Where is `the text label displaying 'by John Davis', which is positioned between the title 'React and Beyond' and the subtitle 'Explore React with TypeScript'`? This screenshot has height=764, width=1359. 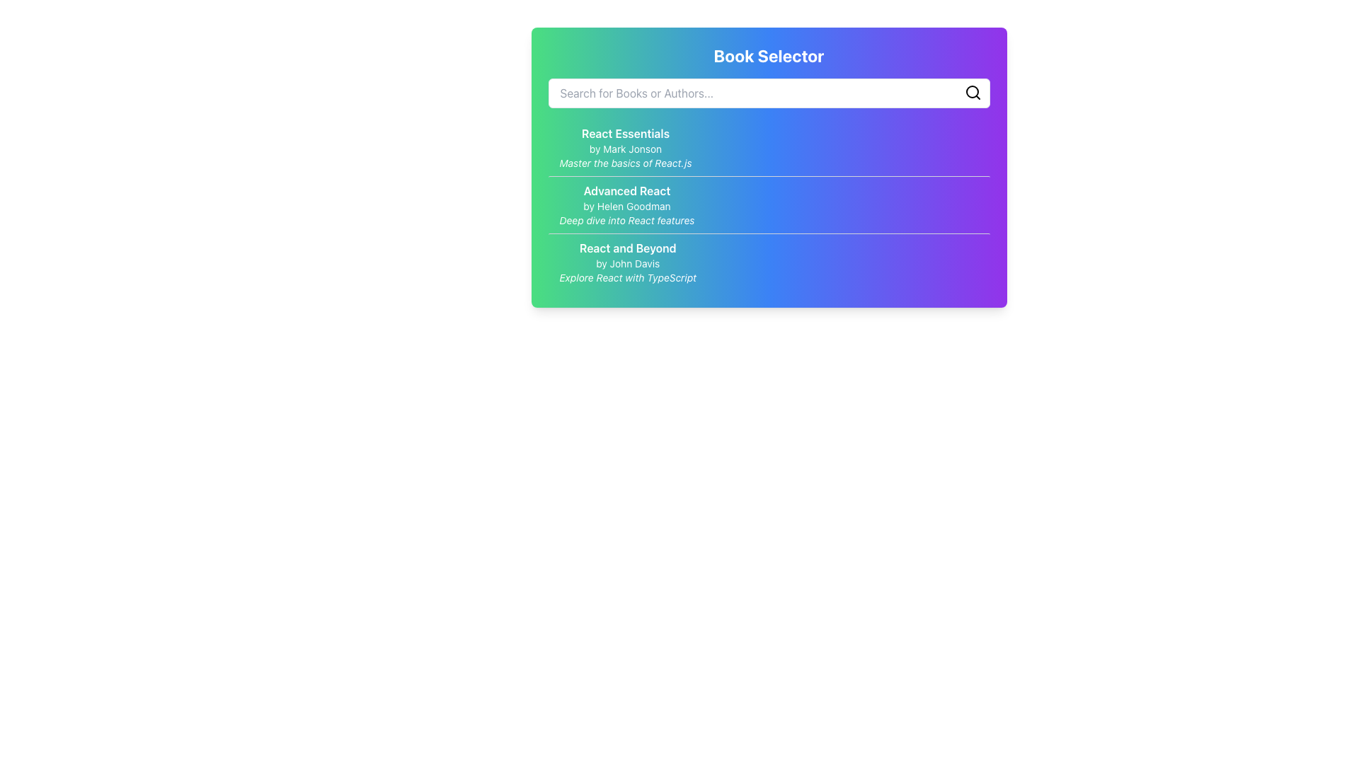
the text label displaying 'by John Davis', which is positioned between the title 'React and Beyond' and the subtitle 'Explore React with TypeScript' is located at coordinates (627, 264).